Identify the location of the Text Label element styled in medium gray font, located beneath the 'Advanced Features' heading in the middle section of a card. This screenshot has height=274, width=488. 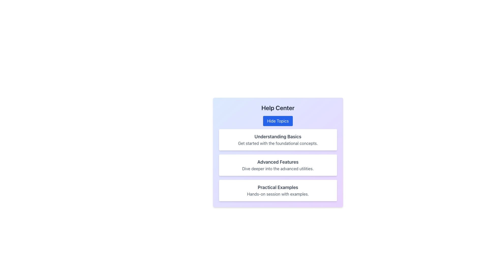
(278, 168).